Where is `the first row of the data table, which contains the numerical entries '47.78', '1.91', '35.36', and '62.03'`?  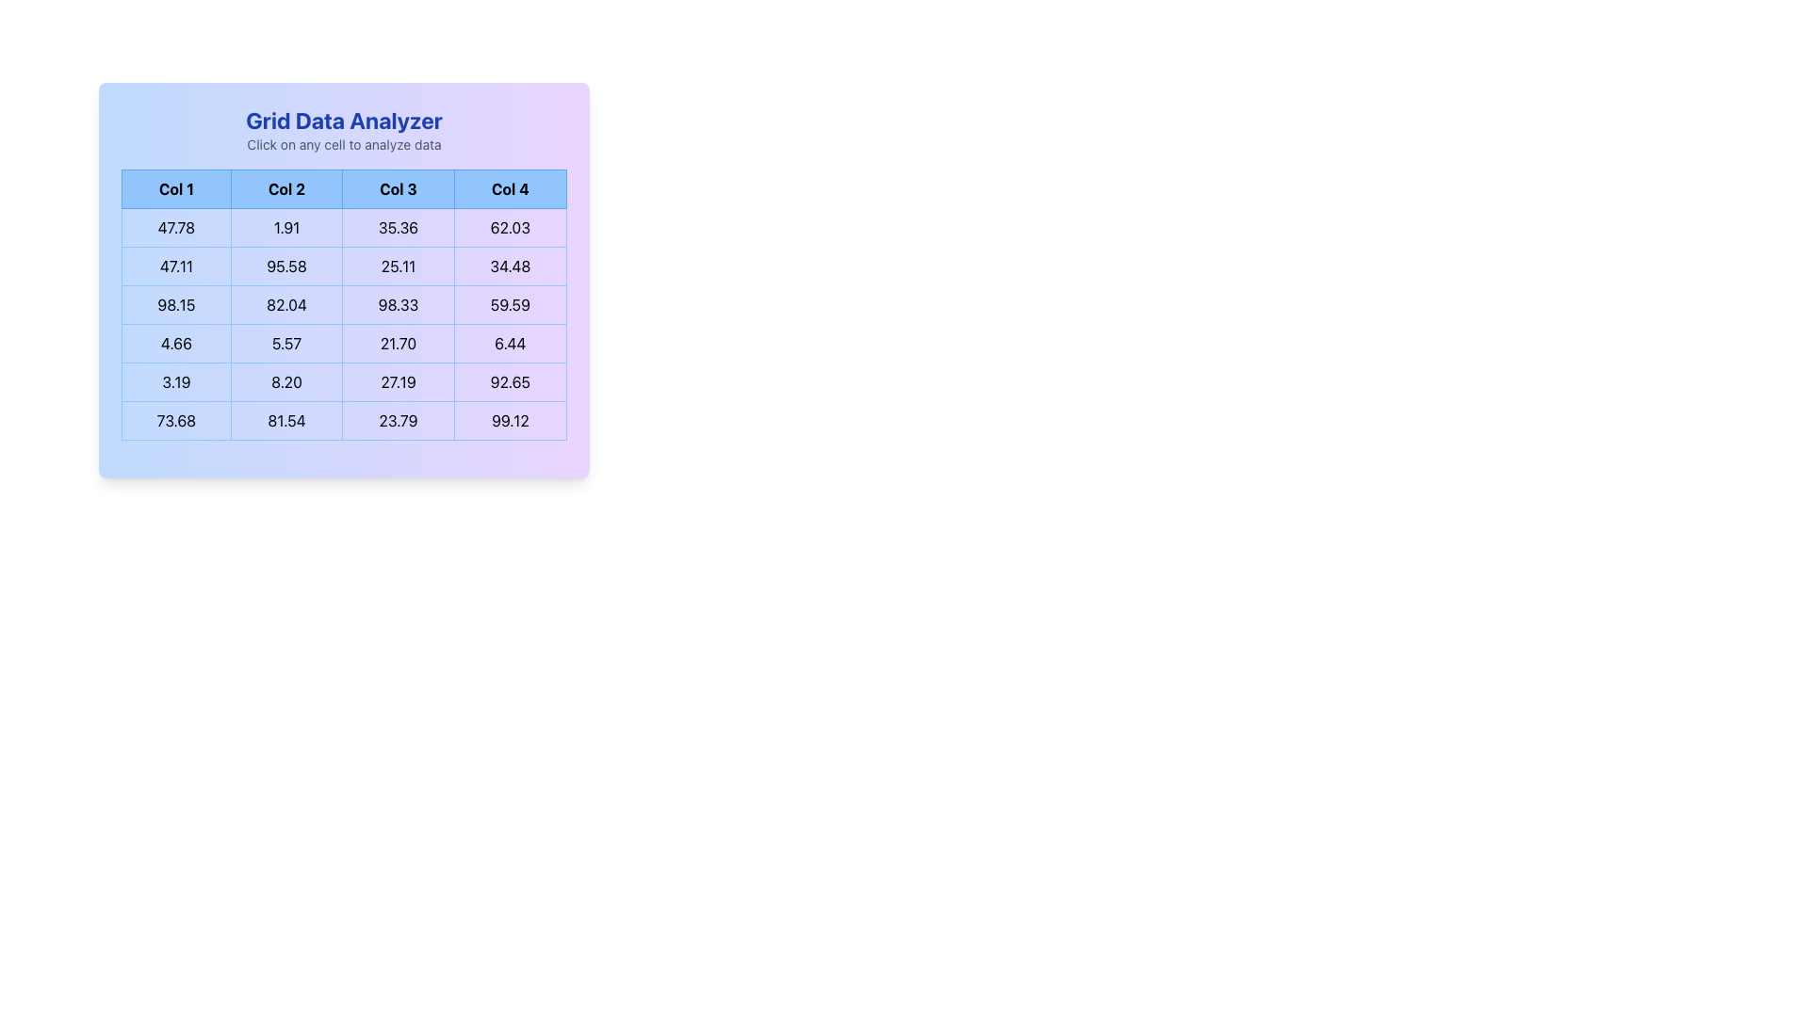
the first row of the data table, which contains the numerical entries '47.78', '1.91', '35.36', and '62.03' is located at coordinates (344, 227).